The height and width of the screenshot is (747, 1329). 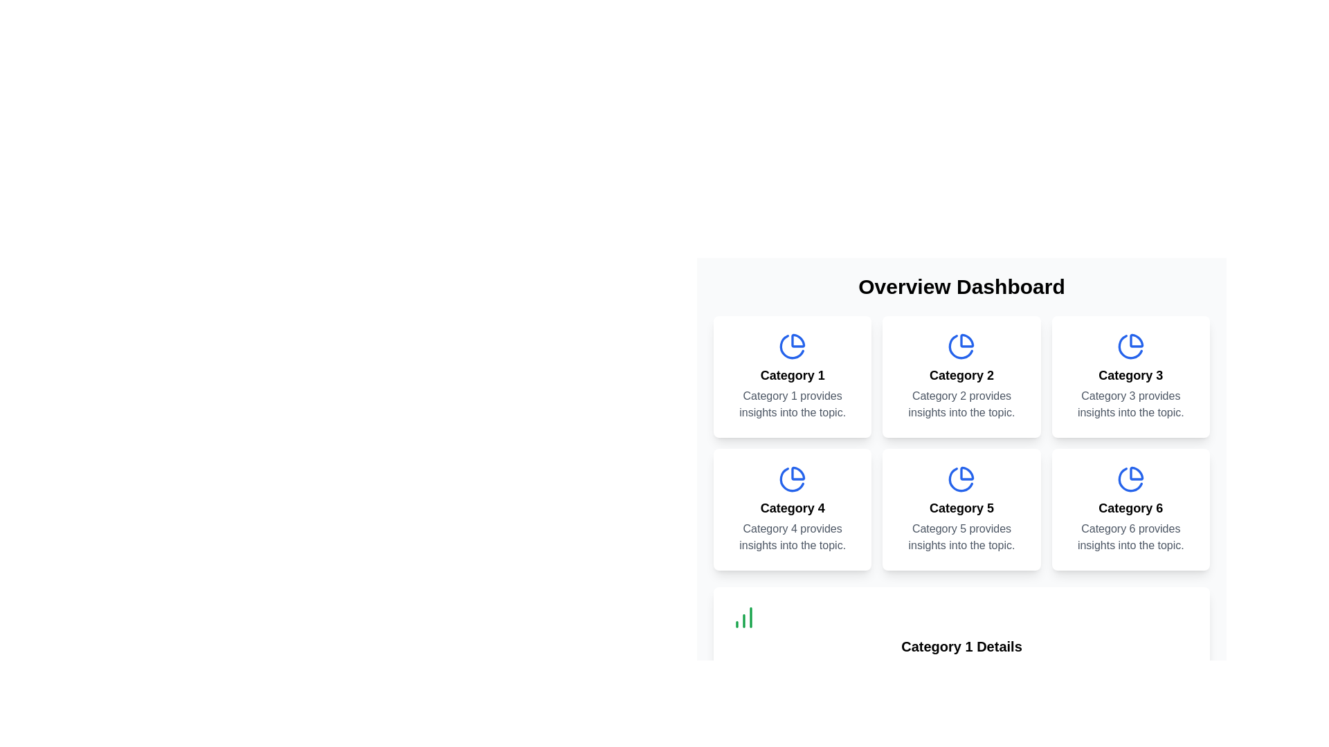 What do you see at coordinates (961, 376) in the screenshot?
I see `the center category card positioned in the grid layout, located between 'Category 1' and 'Category 3'` at bounding box center [961, 376].